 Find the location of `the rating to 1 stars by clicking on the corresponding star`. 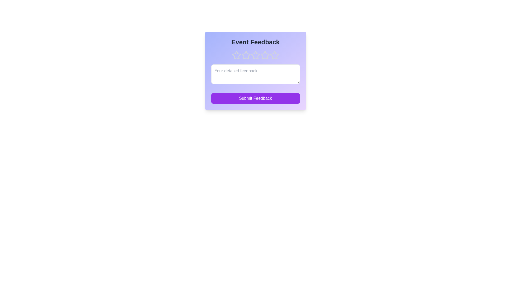

the rating to 1 stars by clicking on the corresponding star is located at coordinates (236, 55).